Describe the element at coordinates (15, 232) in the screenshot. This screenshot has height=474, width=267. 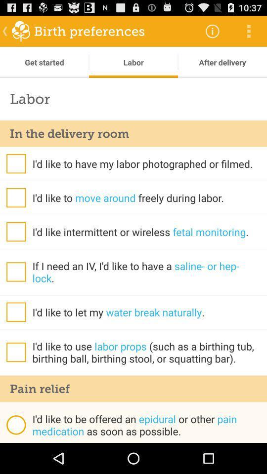
I see `check box` at that location.